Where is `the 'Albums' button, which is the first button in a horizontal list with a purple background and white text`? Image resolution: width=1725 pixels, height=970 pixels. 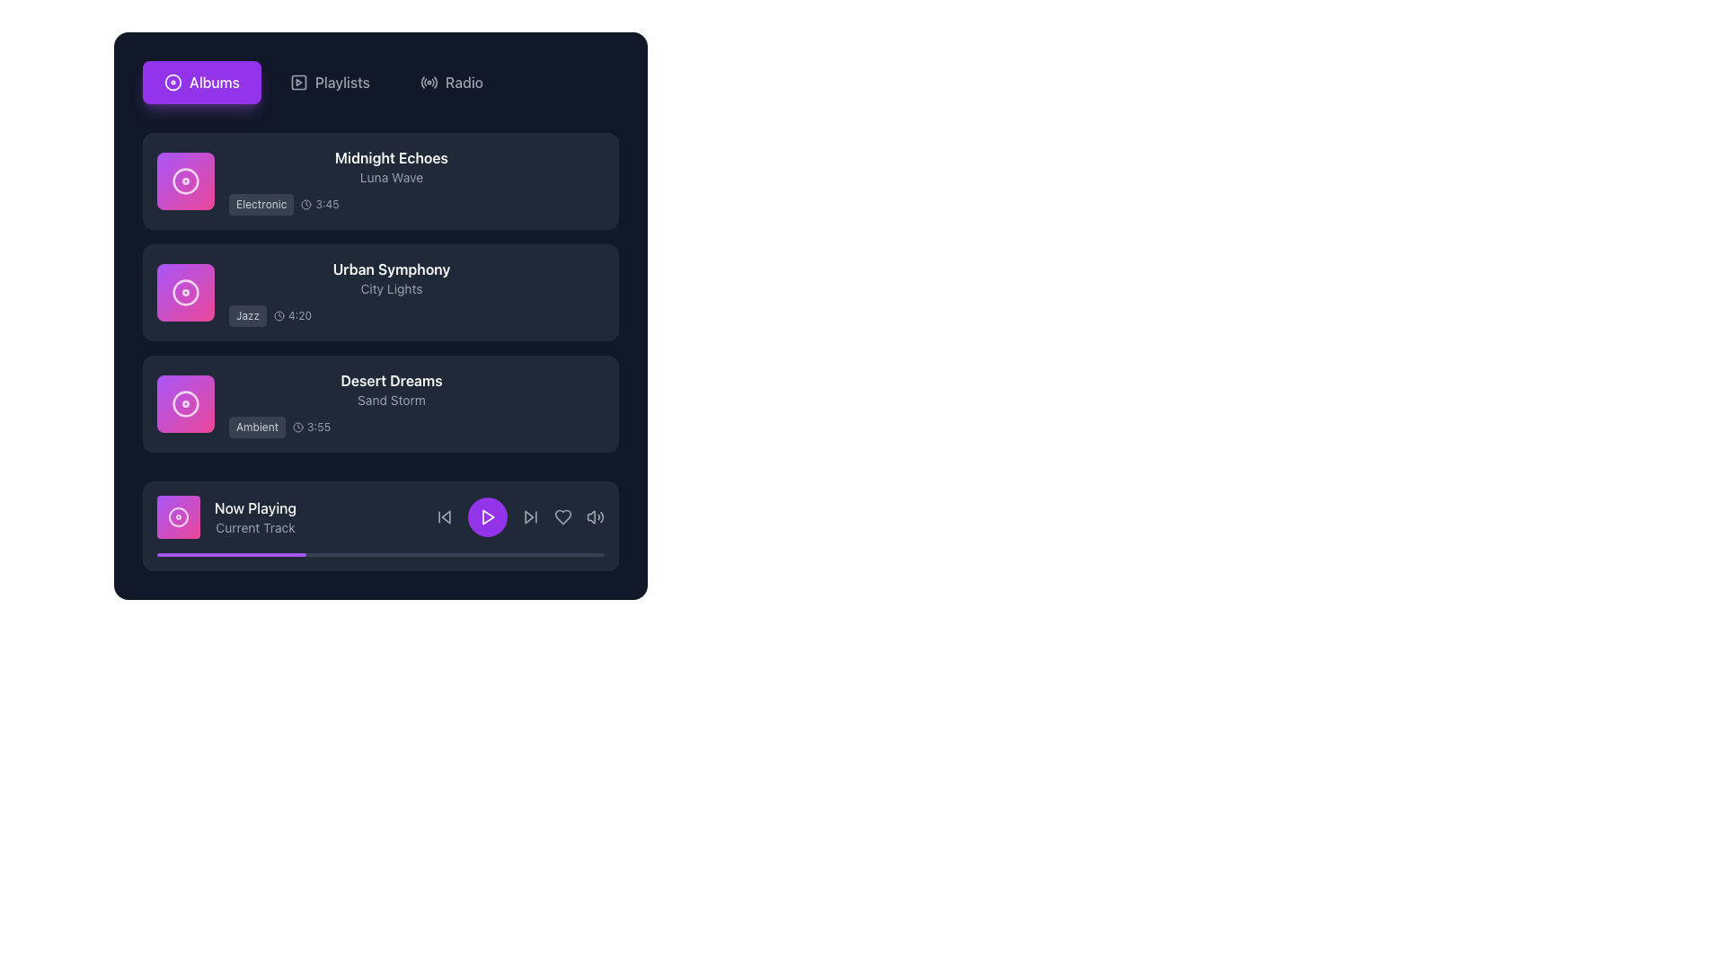
the 'Albums' button, which is the first button in a horizontal list with a purple background and white text is located at coordinates (202, 83).